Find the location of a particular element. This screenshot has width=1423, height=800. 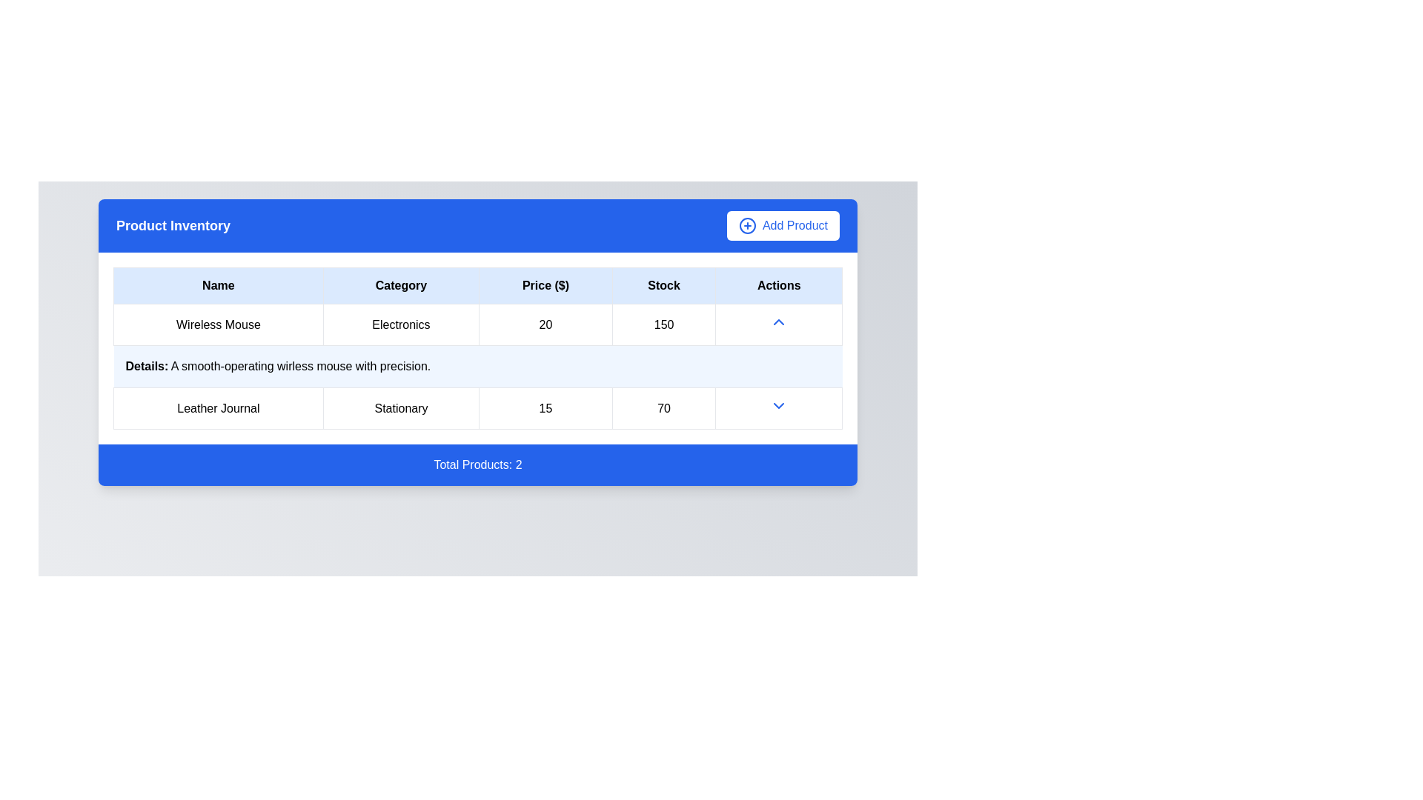

columns is located at coordinates (477, 285).